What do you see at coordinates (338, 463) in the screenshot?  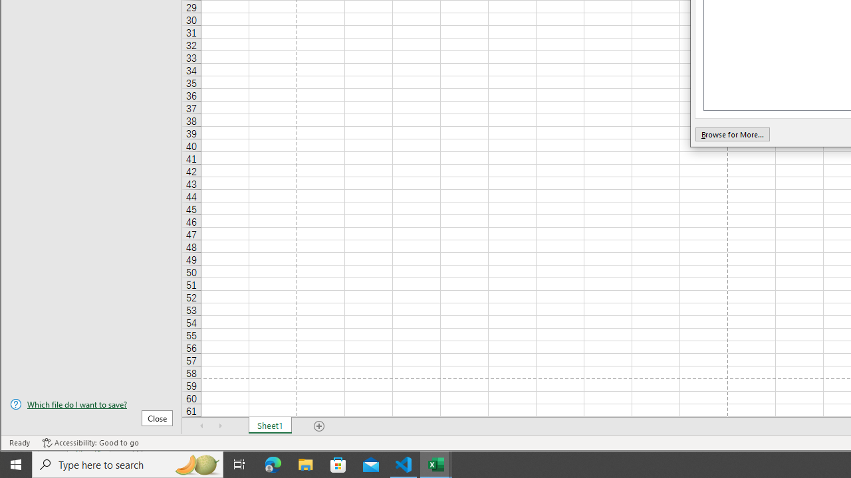 I see `'Microsoft Store'` at bounding box center [338, 463].